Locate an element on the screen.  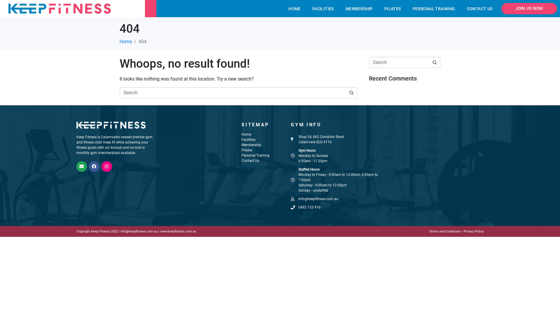
'Terms and Conditions' is located at coordinates (445, 231).